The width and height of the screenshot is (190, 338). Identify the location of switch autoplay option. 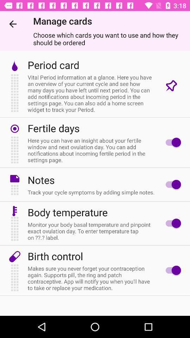
(171, 223).